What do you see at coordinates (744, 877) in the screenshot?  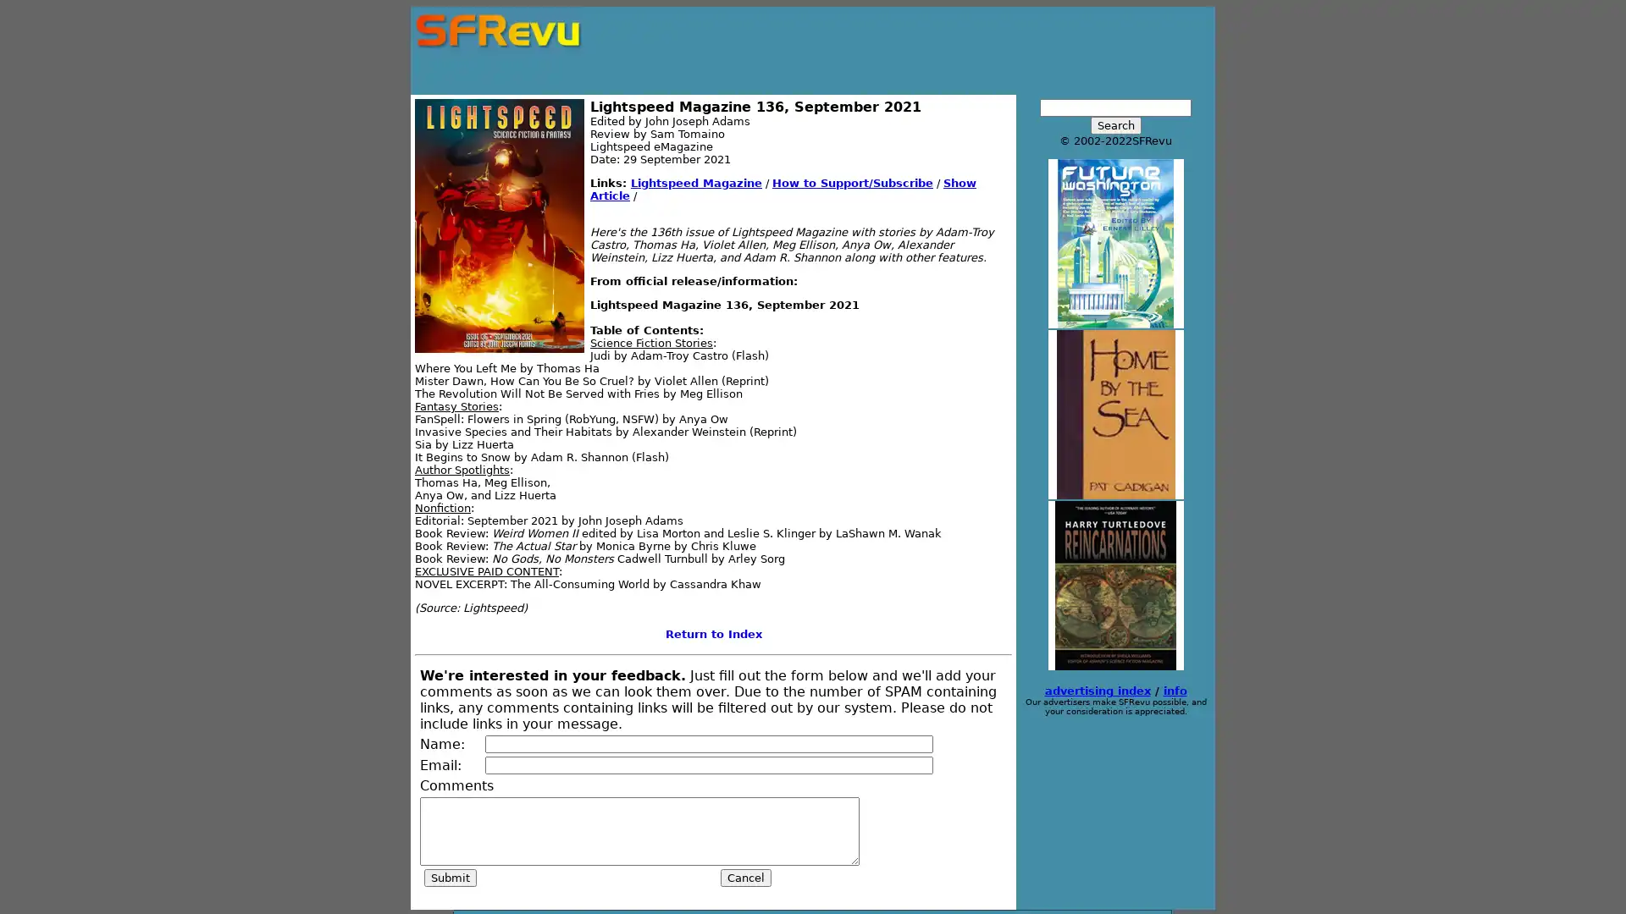 I see `Cancel` at bounding box center [744, 877].